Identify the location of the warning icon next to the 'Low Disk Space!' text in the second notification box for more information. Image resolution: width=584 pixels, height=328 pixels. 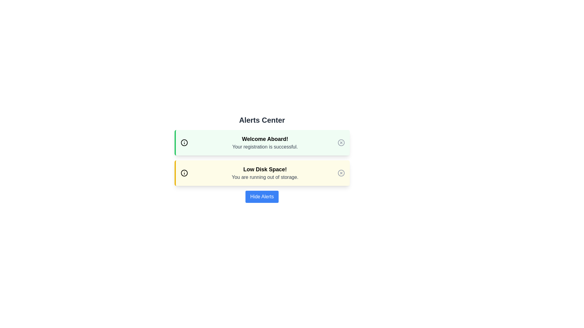
(184, 173).